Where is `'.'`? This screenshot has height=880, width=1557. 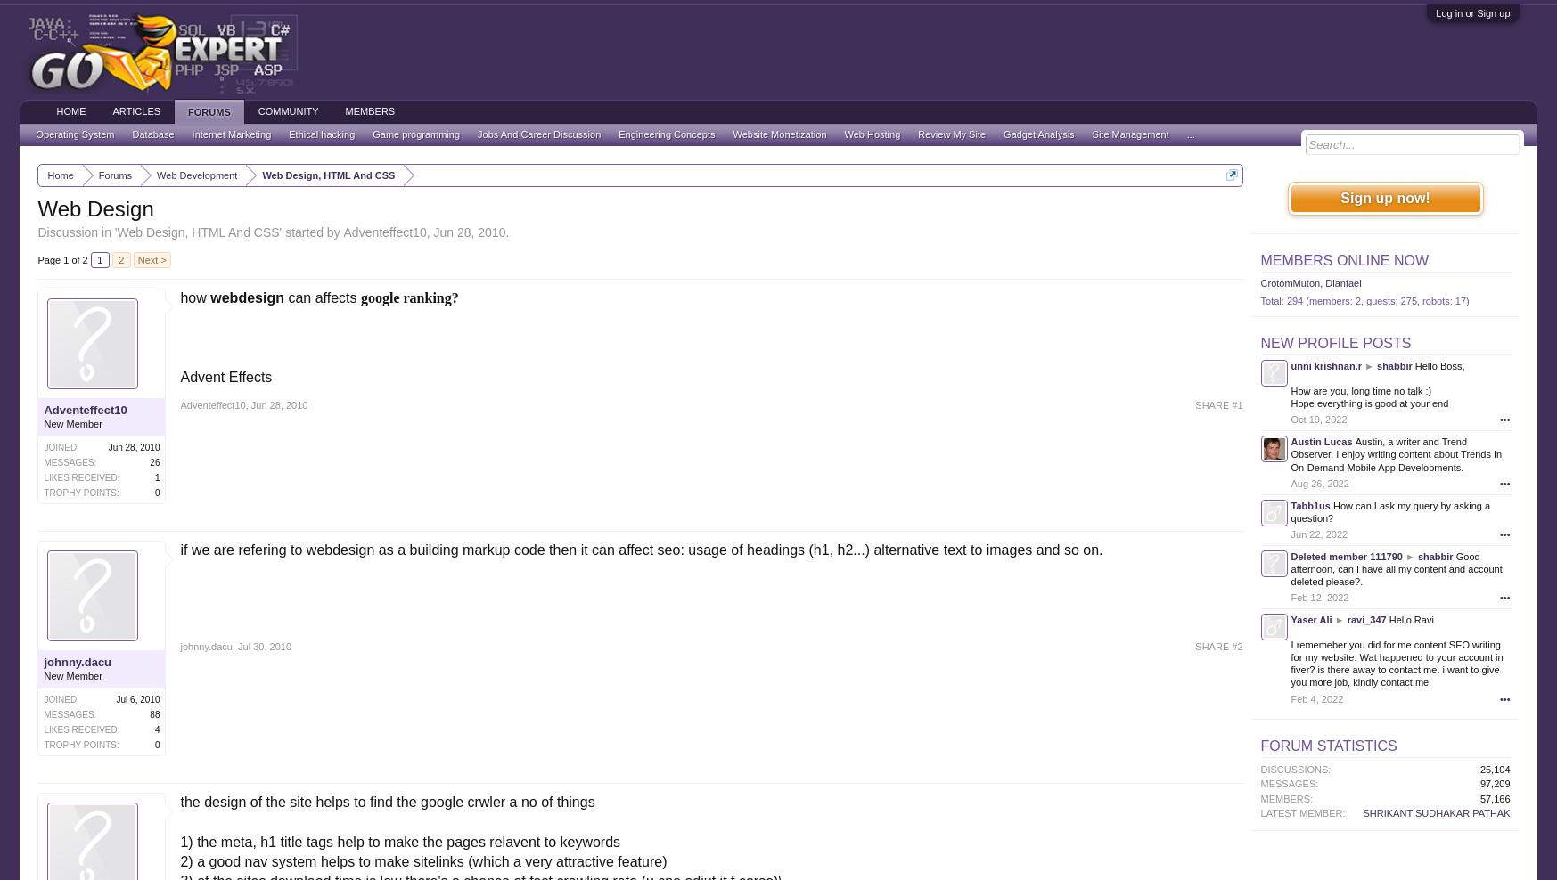 '.' is located at coordinates (506, 231).